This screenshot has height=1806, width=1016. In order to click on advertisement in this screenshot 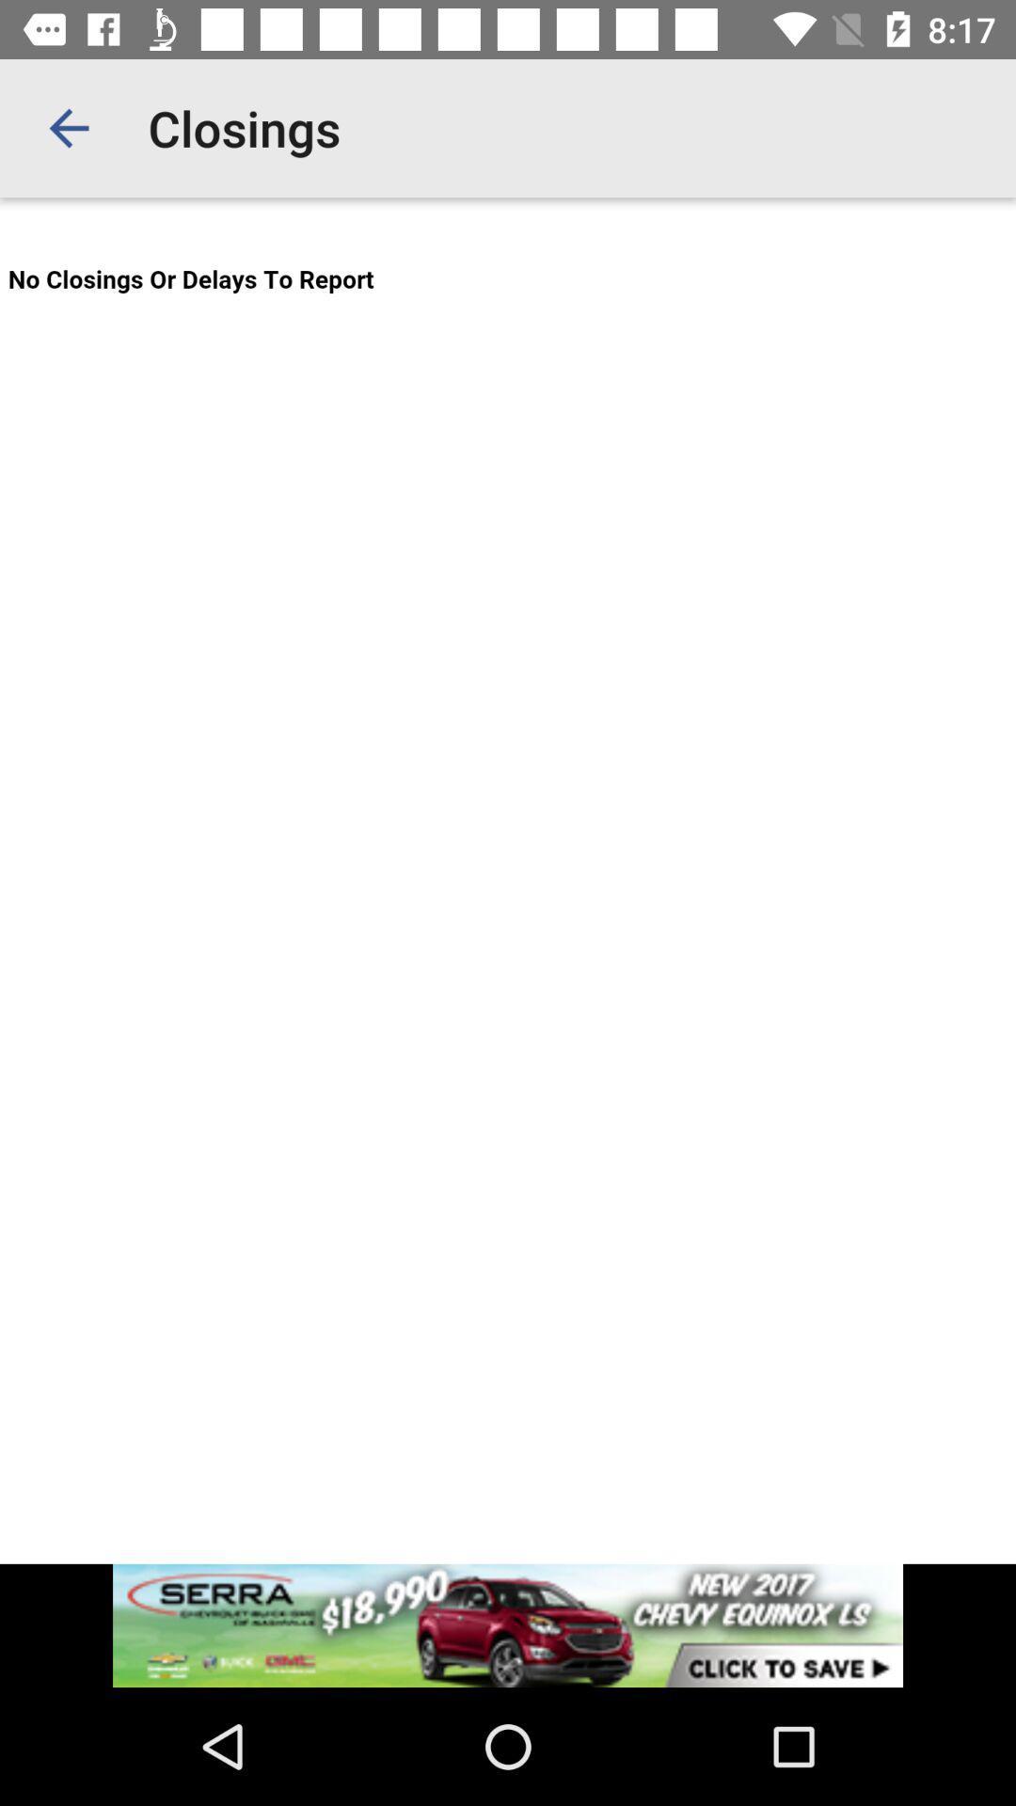, I will do `click(508, 1624)`.